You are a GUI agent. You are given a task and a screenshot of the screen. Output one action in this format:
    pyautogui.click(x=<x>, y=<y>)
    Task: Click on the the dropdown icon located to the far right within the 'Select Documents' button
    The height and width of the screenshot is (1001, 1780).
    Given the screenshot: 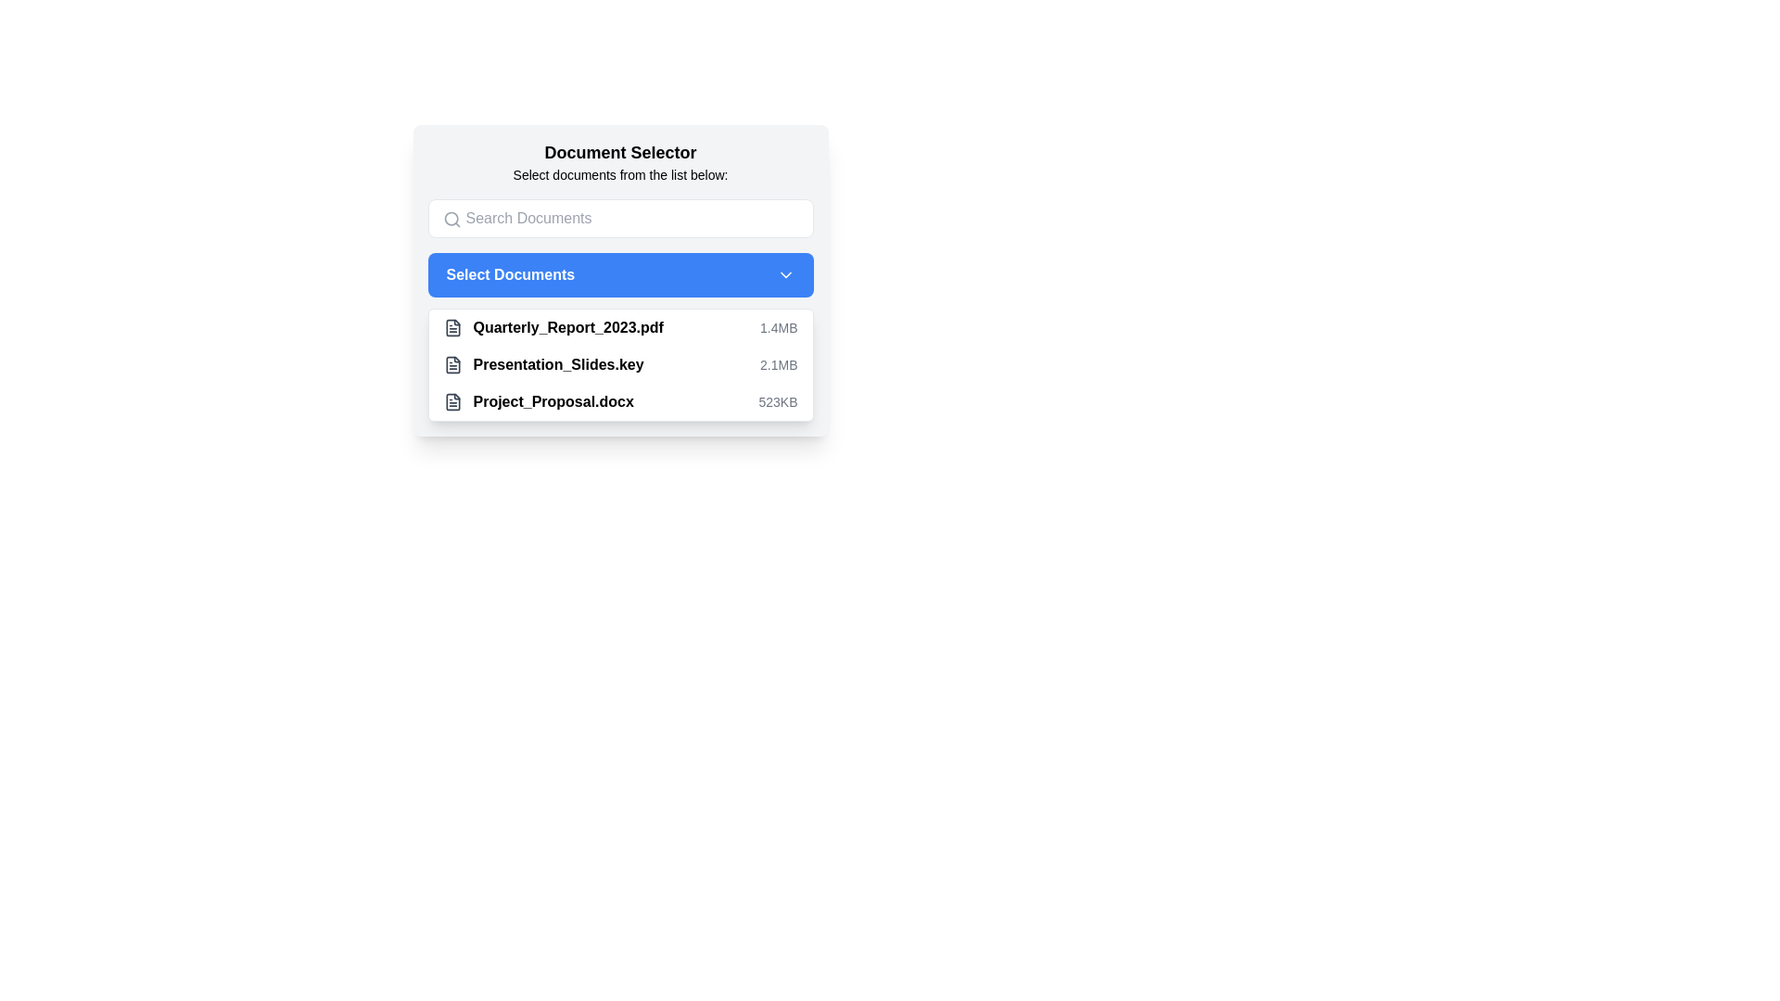 What is the action you would take?
    pyautogui.click(x=785, y=275)
    